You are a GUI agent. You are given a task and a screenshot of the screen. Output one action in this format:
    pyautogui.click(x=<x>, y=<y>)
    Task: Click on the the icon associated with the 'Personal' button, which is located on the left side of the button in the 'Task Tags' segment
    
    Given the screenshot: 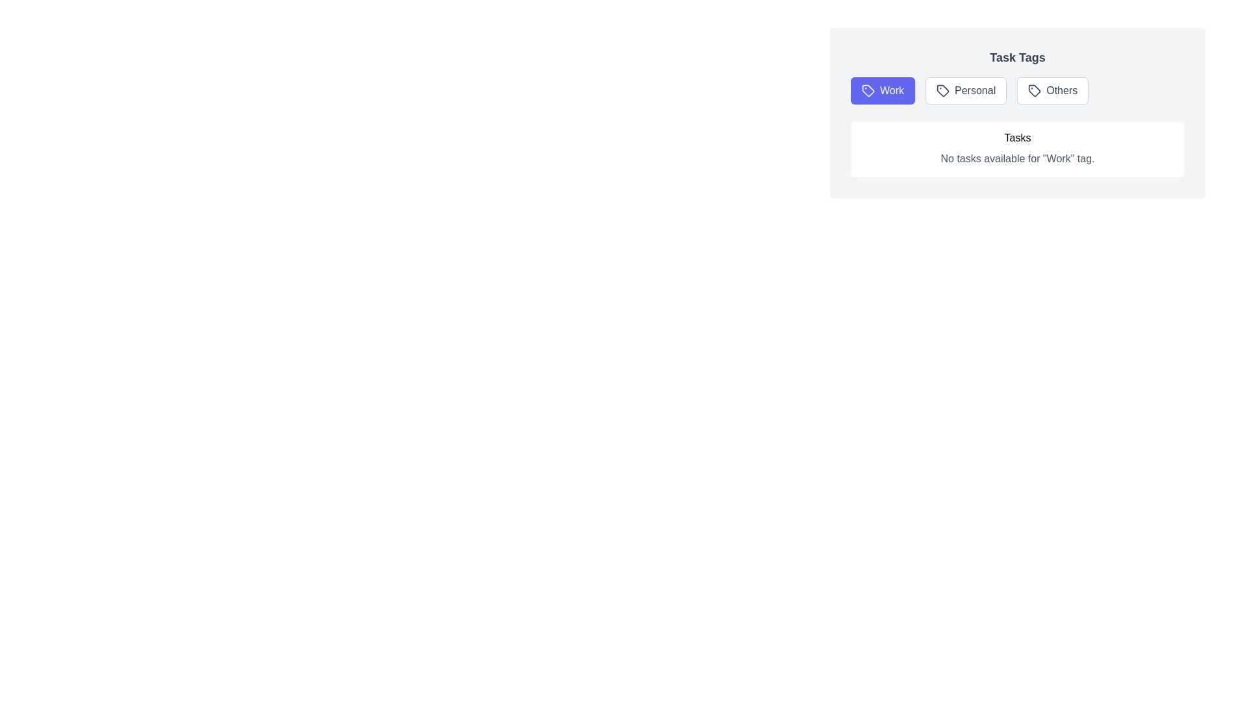 What is the action you would take?
    pyautogui.click(x=943, y=90)
    